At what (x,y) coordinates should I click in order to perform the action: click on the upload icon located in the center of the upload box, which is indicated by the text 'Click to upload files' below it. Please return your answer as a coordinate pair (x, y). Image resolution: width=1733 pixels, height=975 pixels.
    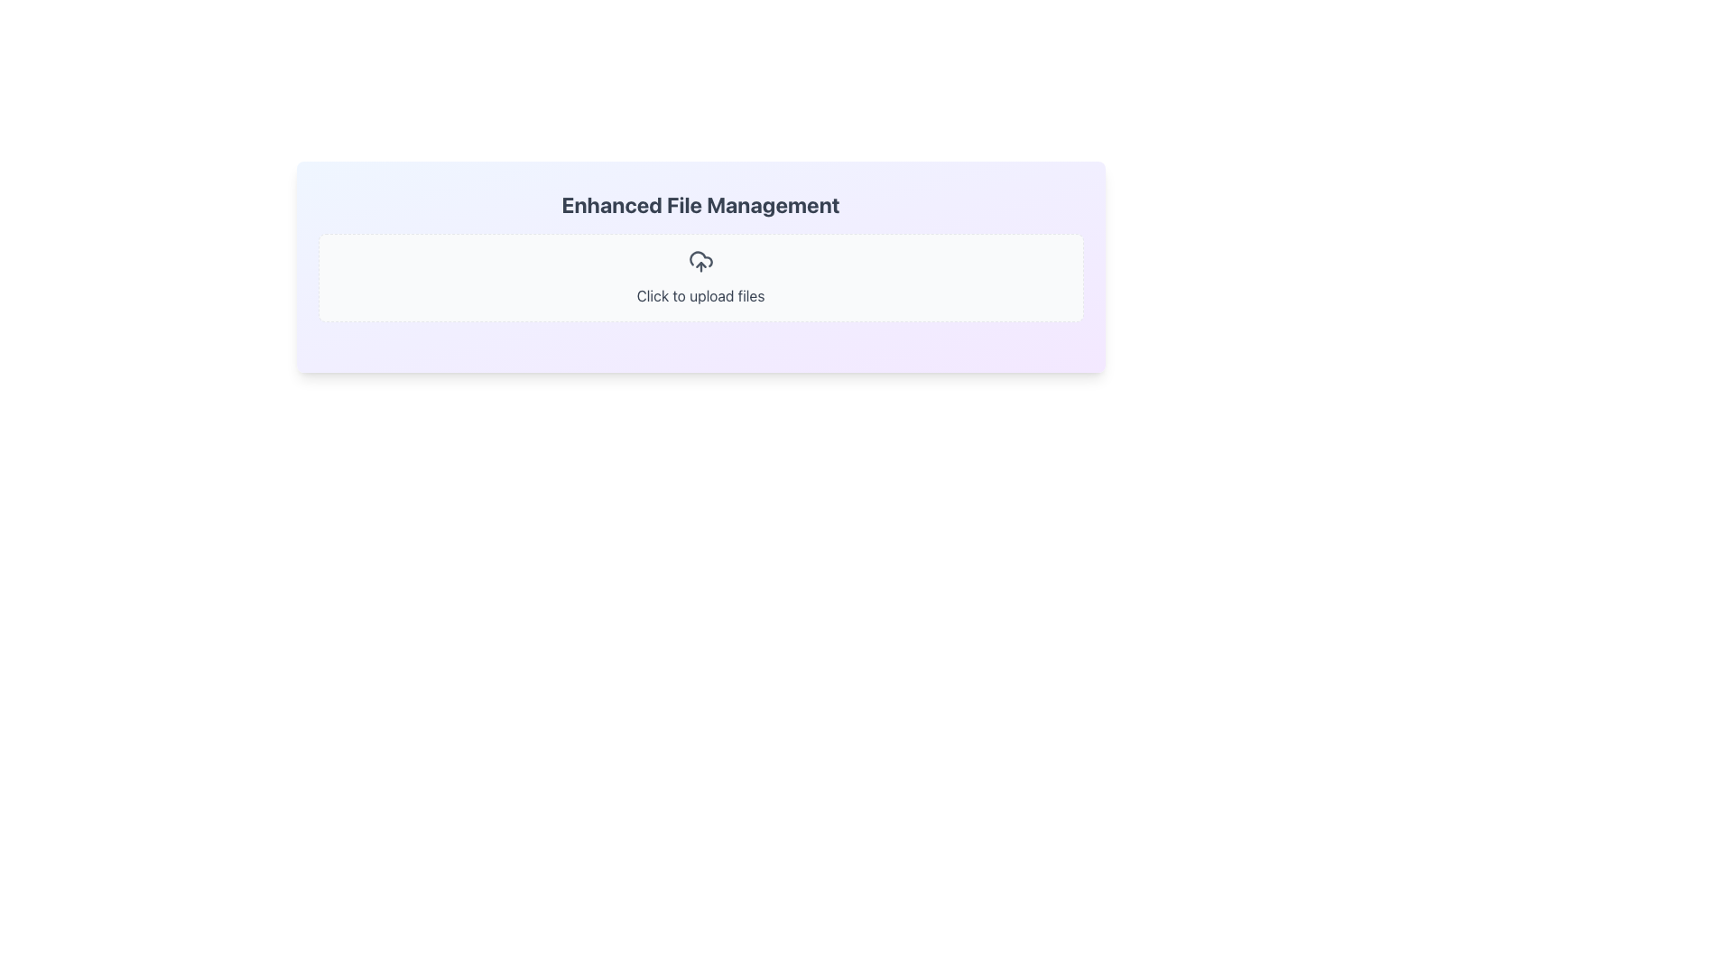
    Looking at the image, I should click on (700, 261).